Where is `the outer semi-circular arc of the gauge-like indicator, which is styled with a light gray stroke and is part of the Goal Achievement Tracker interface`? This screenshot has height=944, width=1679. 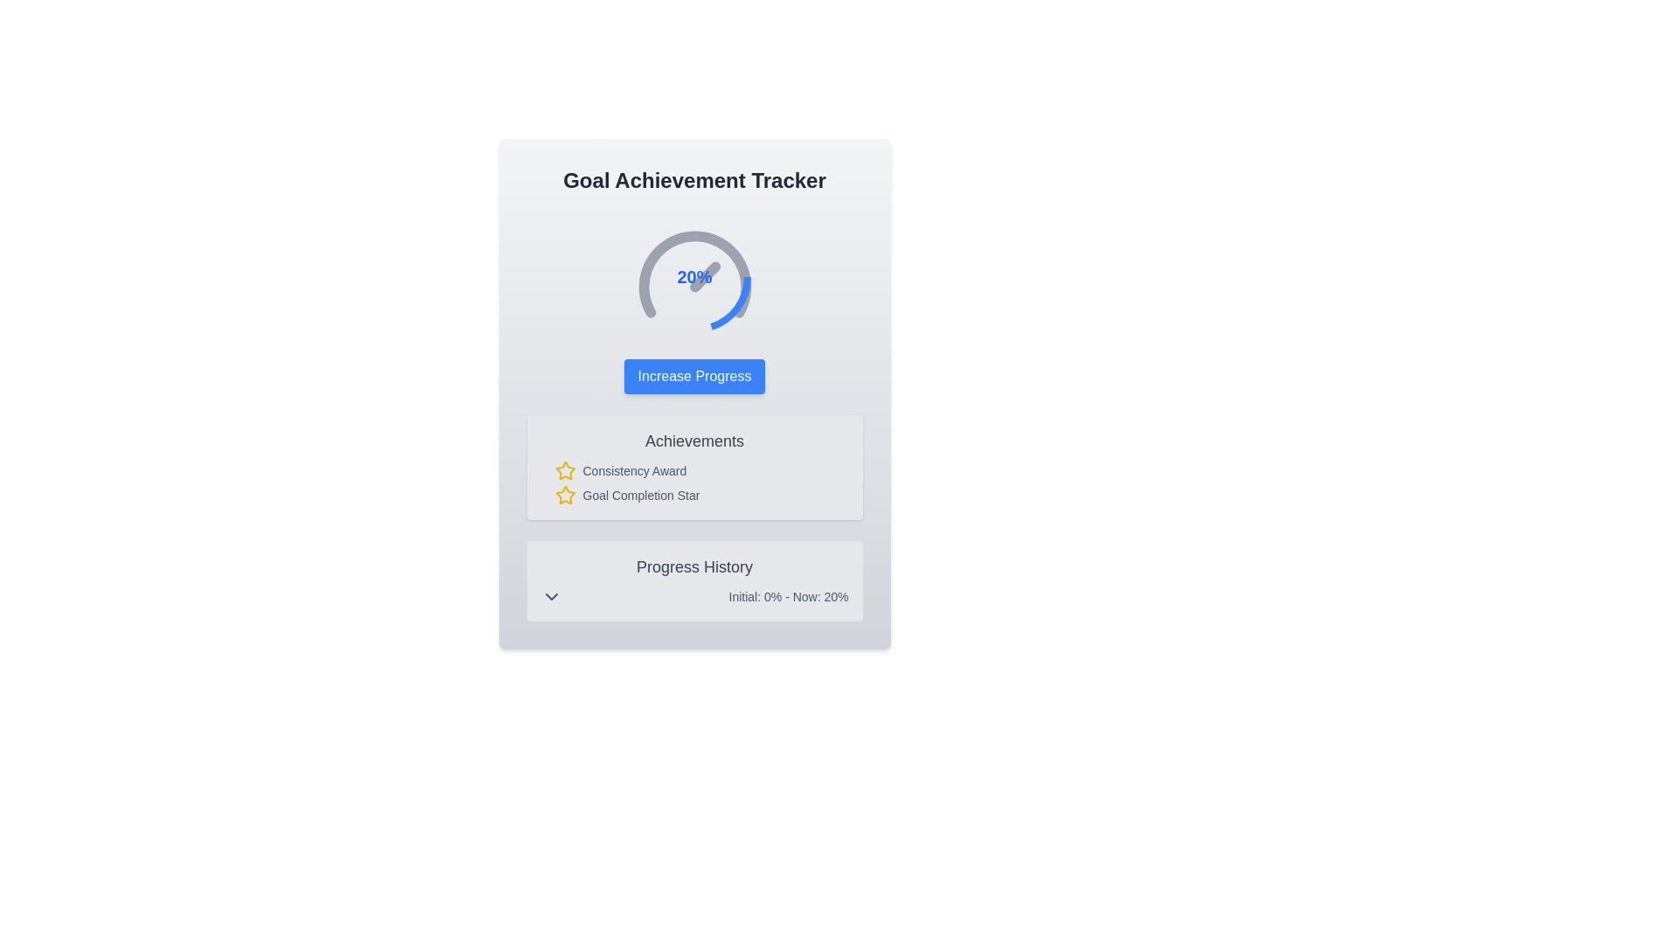 the outer semi-circular arc of the gauge-like indicator, which is styled with a light gray stroke and is part of the Goal Achievement Tracker interface is located at coordinates (693, 274).